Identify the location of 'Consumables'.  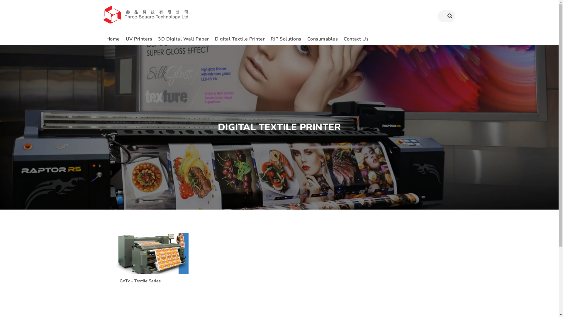
(304, 39).